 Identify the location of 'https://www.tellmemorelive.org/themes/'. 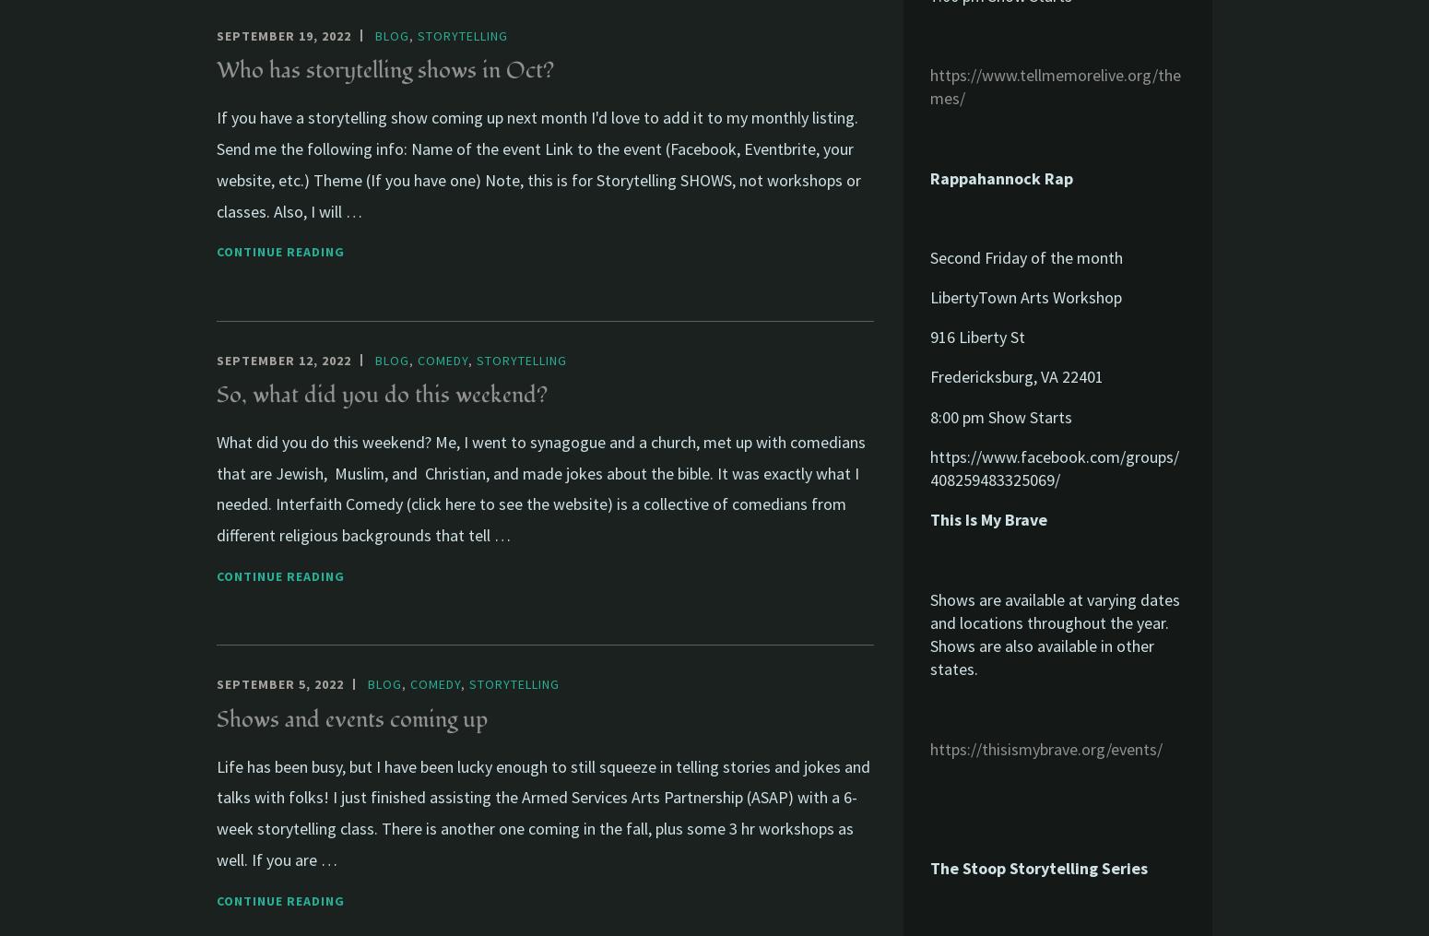
(1054, 86).